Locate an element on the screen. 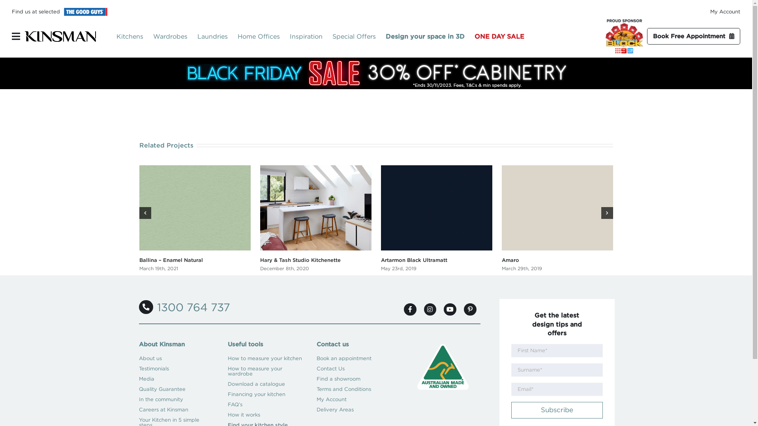  'Subscribe' is located at coordinates (556, 410).